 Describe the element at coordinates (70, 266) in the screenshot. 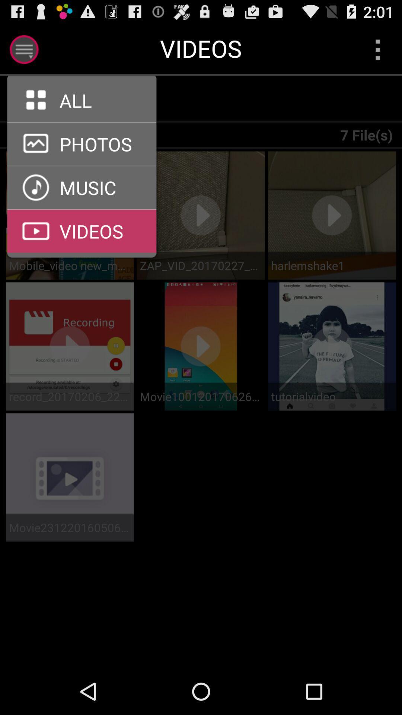

I see `the mobile_video new_mgautoplay item` at that location.